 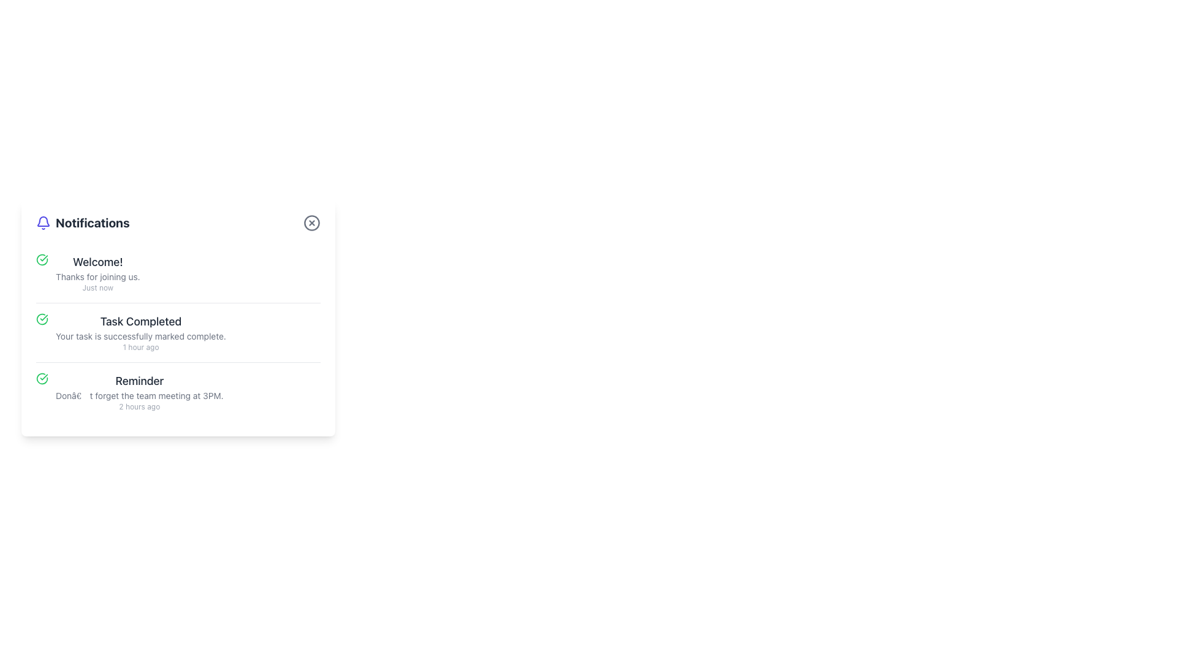 I want to click on the success icon located in the notification section next to the text 'Welcome!', so click(x=42, y=259).